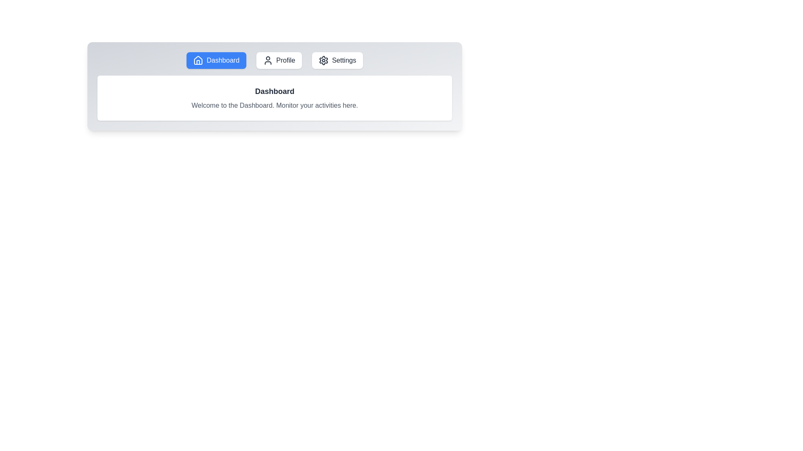 The width and height of the screenshot is (803, 451). What do you see at coordinates (216, 60) in the screenshot?
I see `the active tab labeled 'Dashboard' to refresh its content` at bounding box center [216, 60].